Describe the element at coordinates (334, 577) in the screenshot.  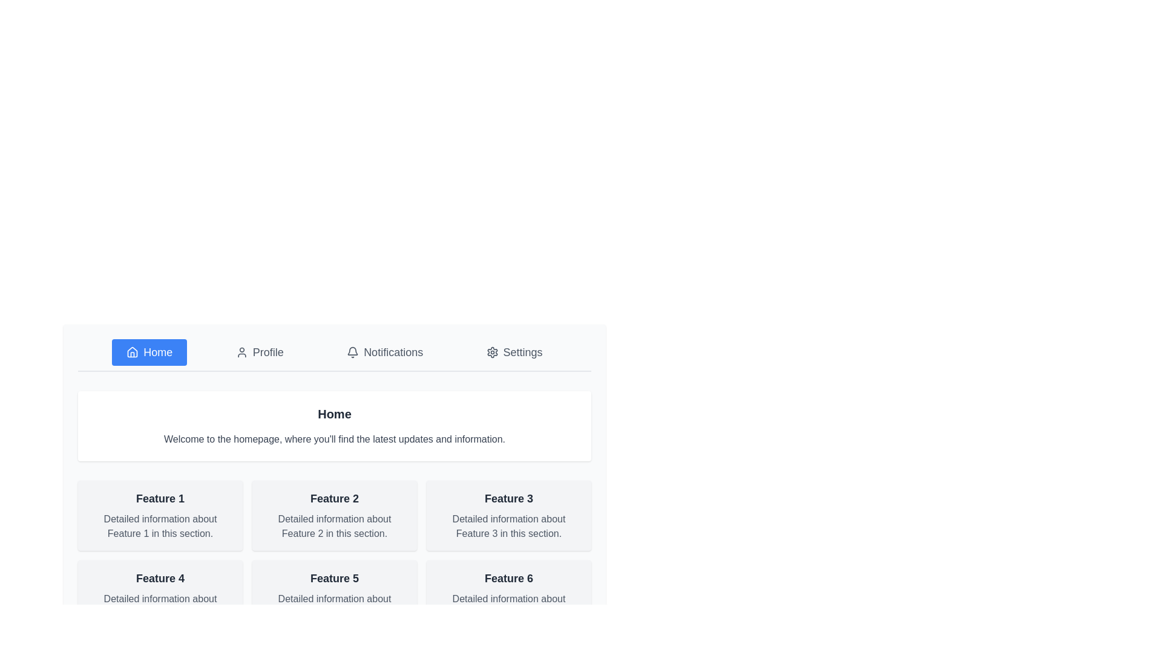
I see `the 'Feature 5' text label, which is styled in a larger bold font and located at the top of the fifth card in a 2x3 grid of feature cards` at that location.